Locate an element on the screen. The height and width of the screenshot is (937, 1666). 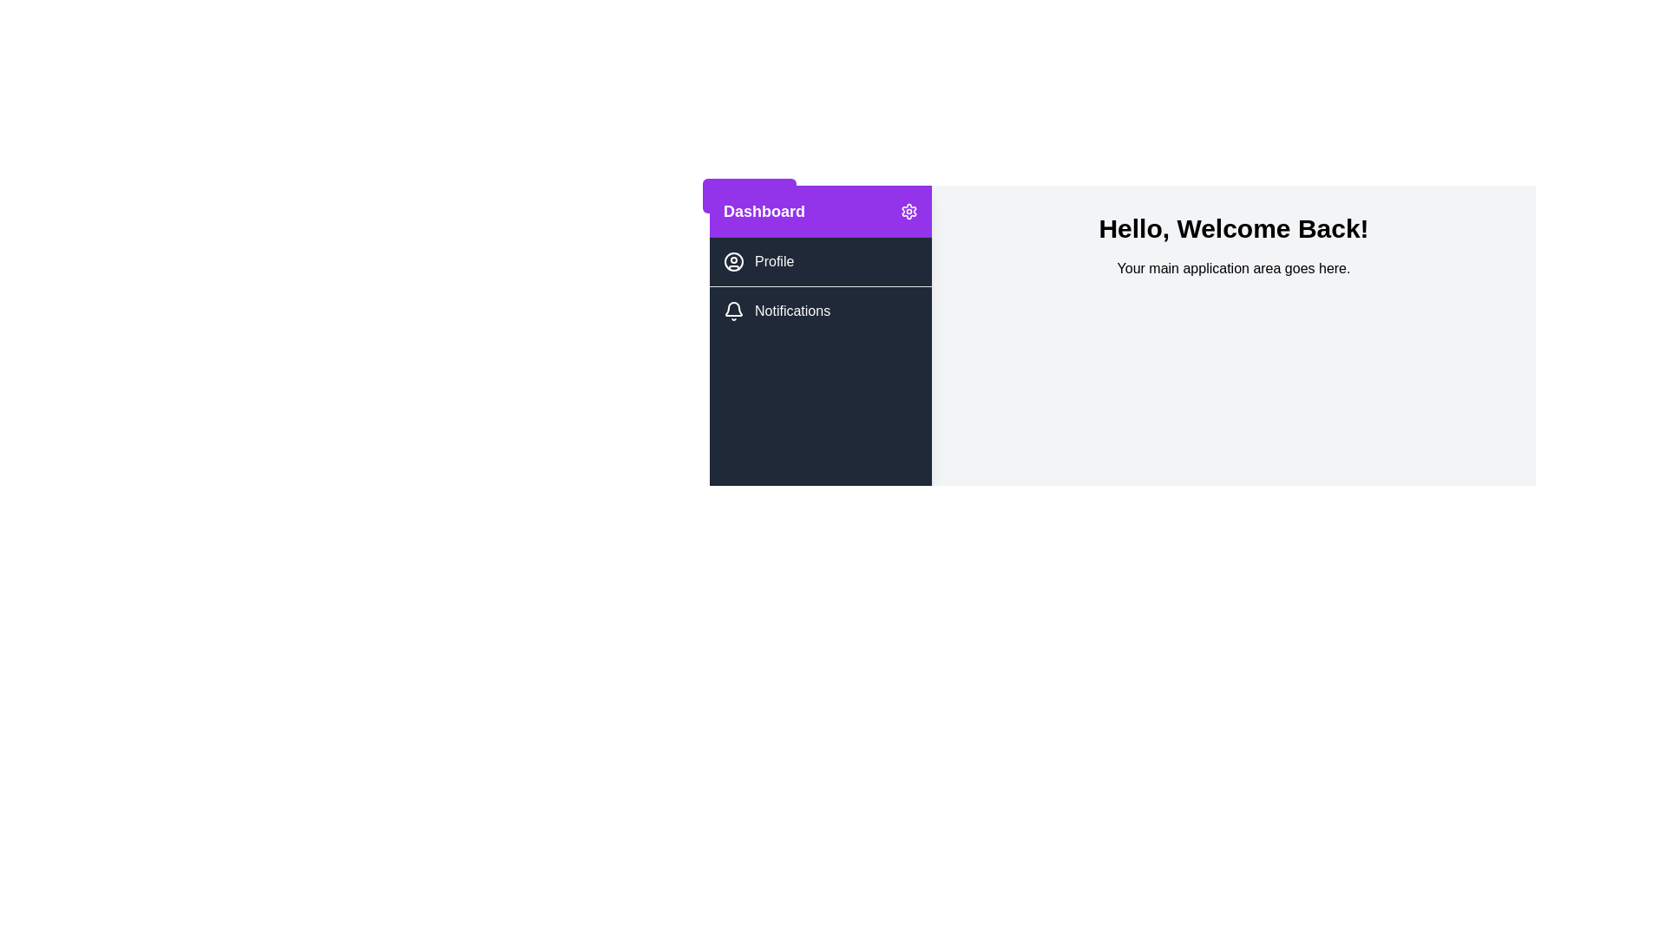
the cog or gear icon in the top right corner of the purple navigation header is located at coordinates (908, 210).